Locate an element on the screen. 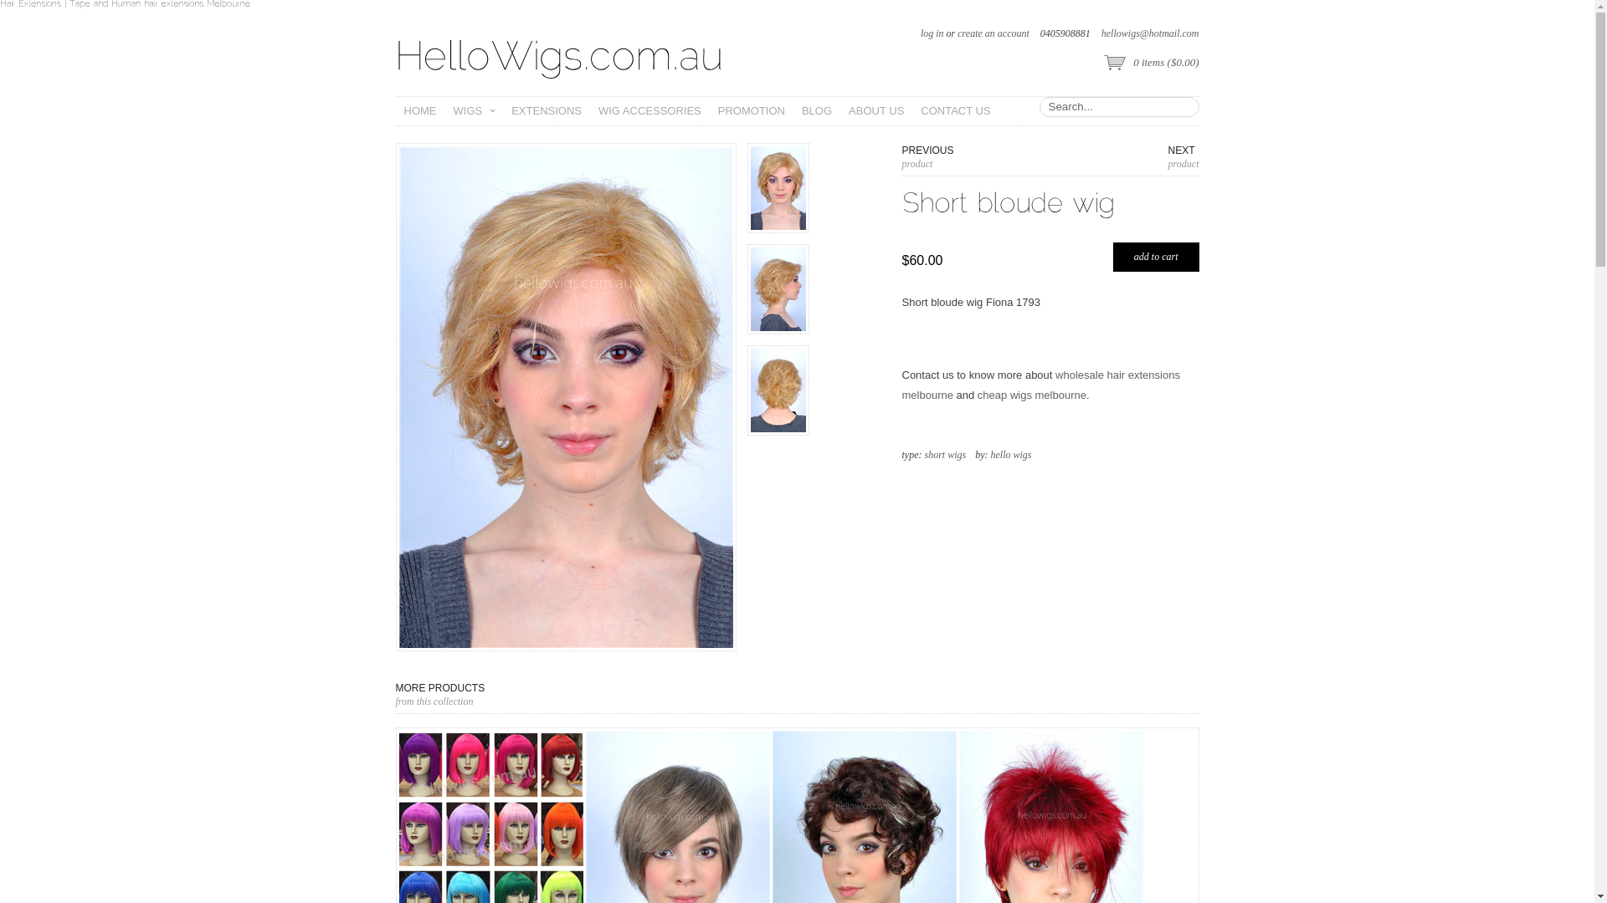 The image size is (1607, 903). 'HOME' is located at coordinates (419, 110).